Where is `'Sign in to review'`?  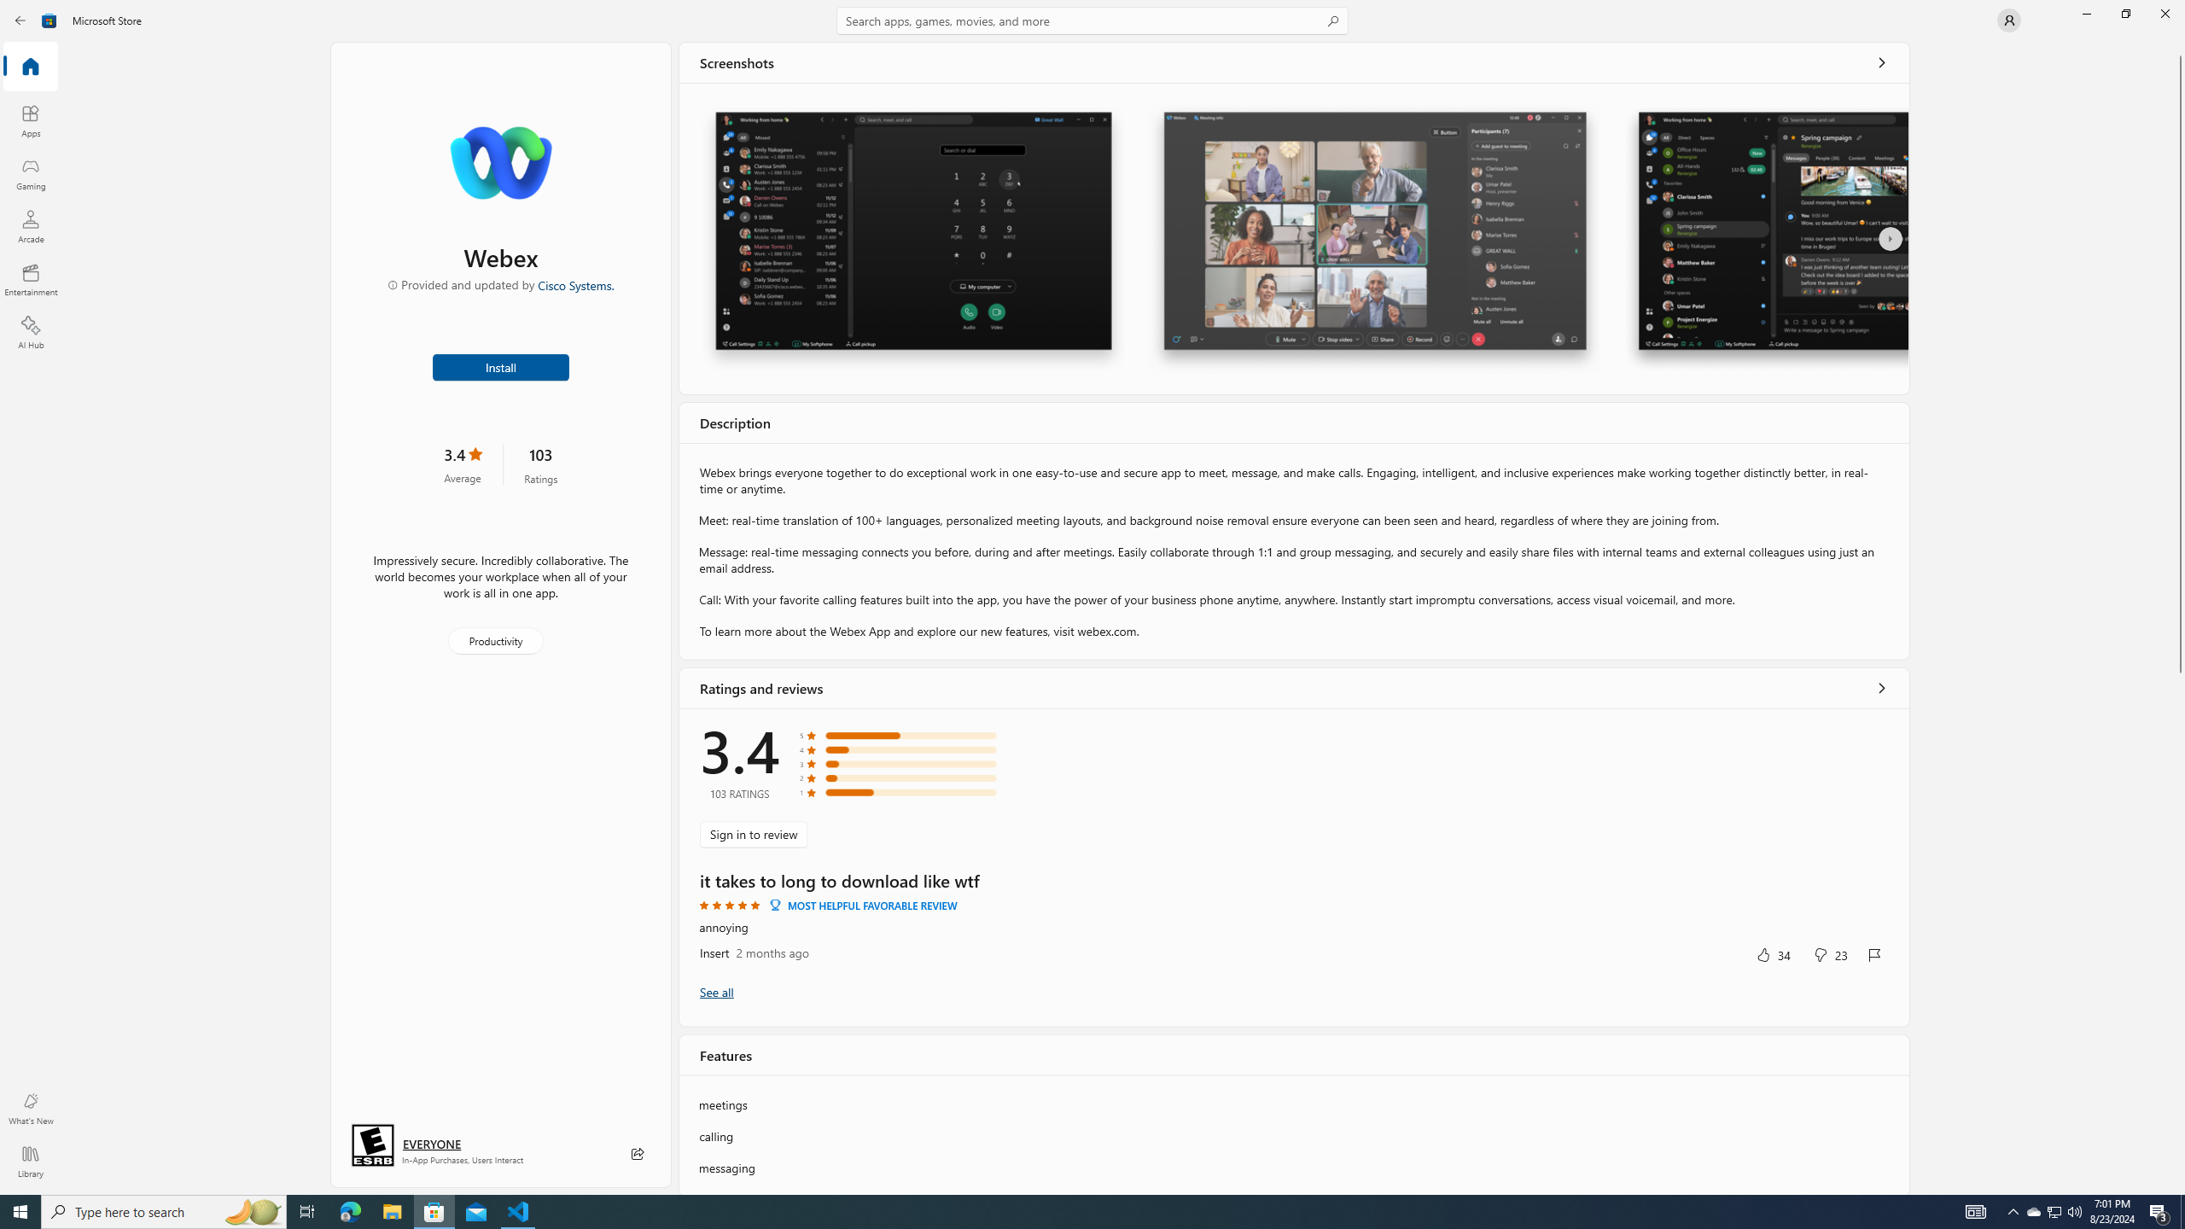
'Sign in to review' is located at coordinates (753, 833).